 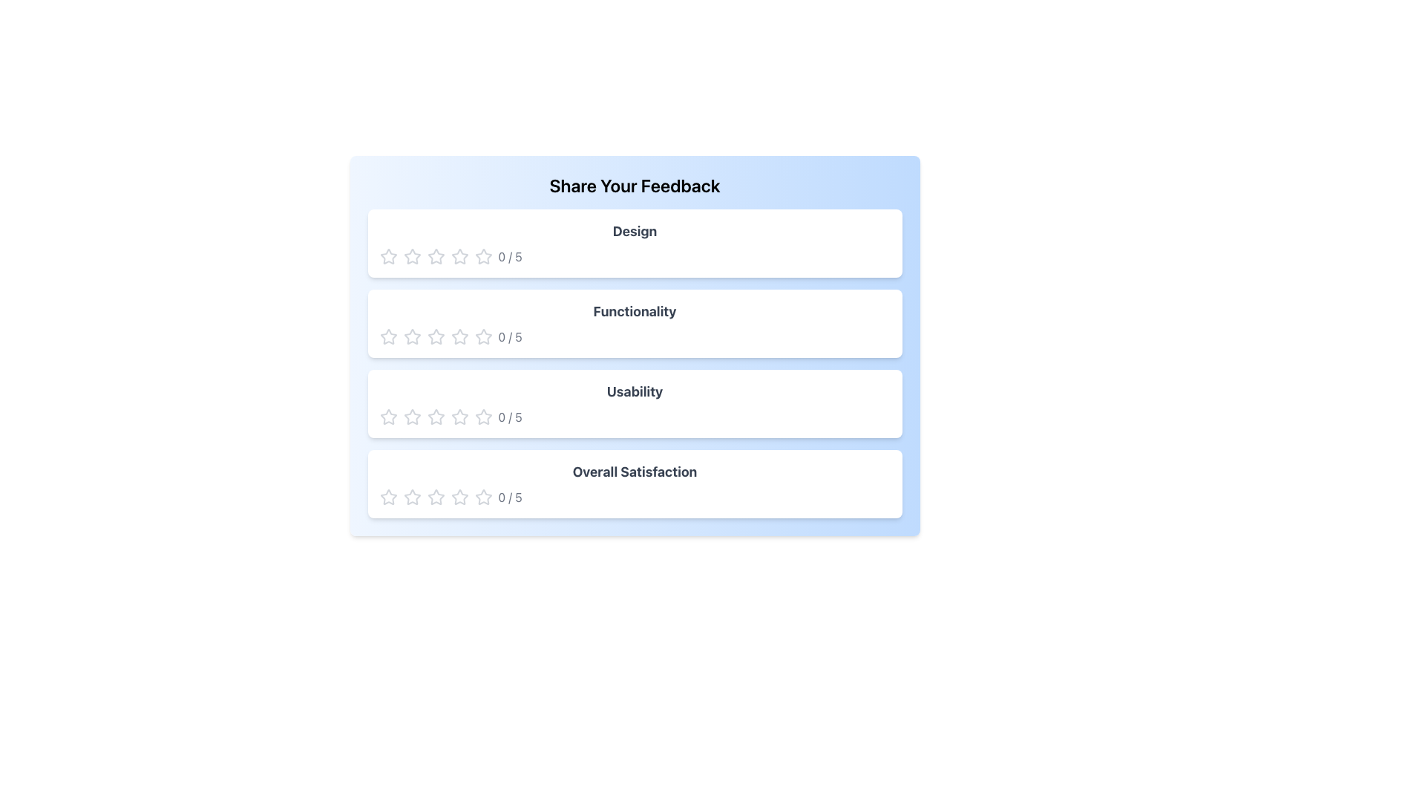 What do you see at coordinates (459, 336) in the screenshot?
I see `the second star in the horizontal set of rating stars within the 'Functionality' section of the feedback form to assign a rating` at bounding box center [459, 336].